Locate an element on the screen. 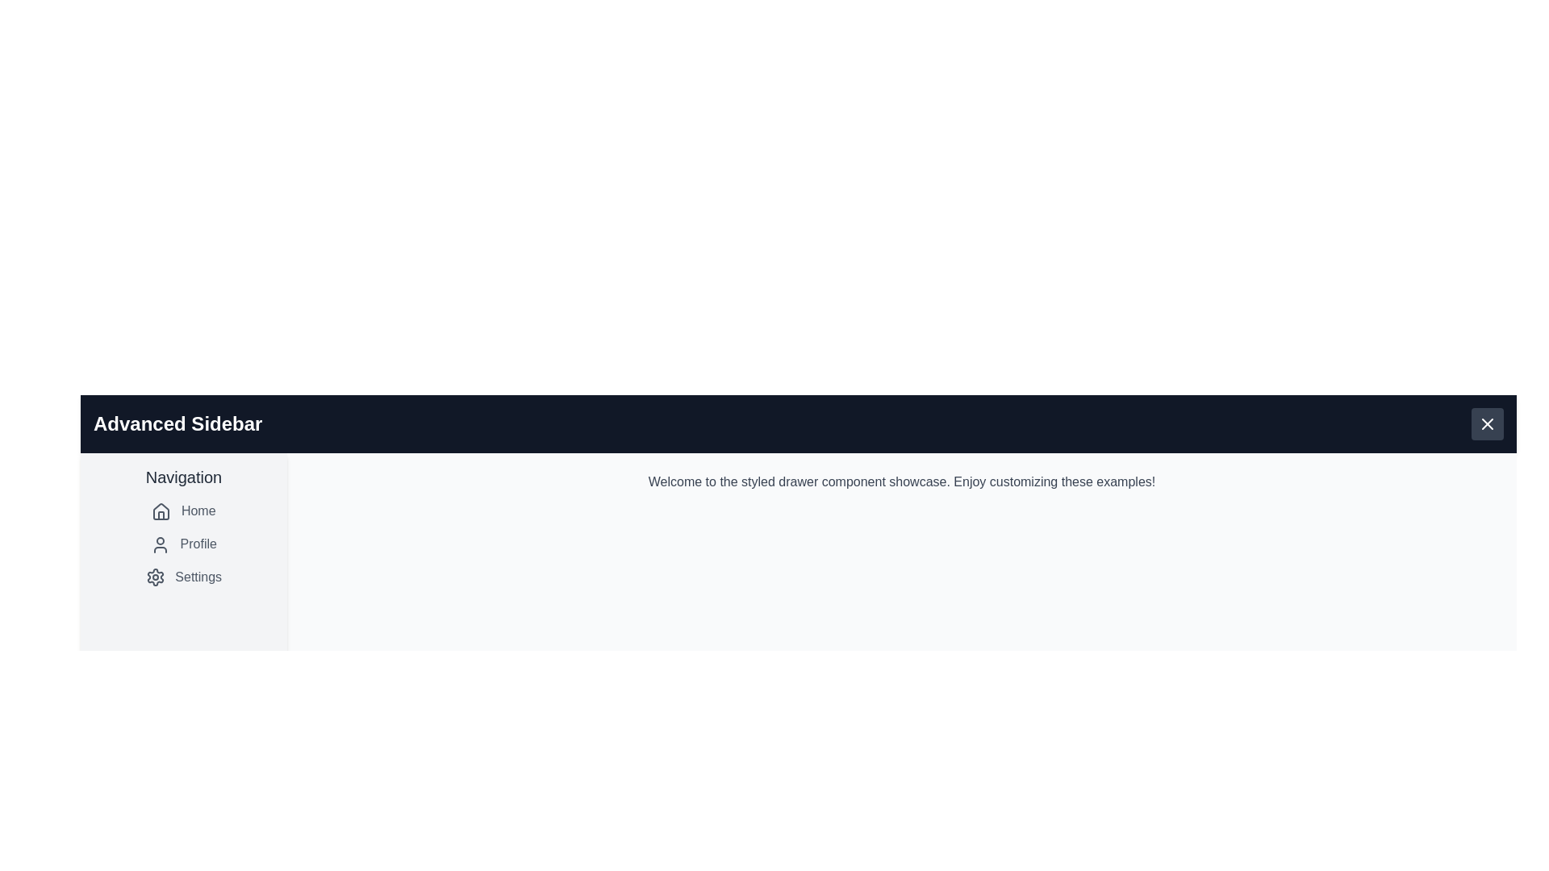  the close button located in the top-right corner of the header section is located at coordinates (1486, 423).